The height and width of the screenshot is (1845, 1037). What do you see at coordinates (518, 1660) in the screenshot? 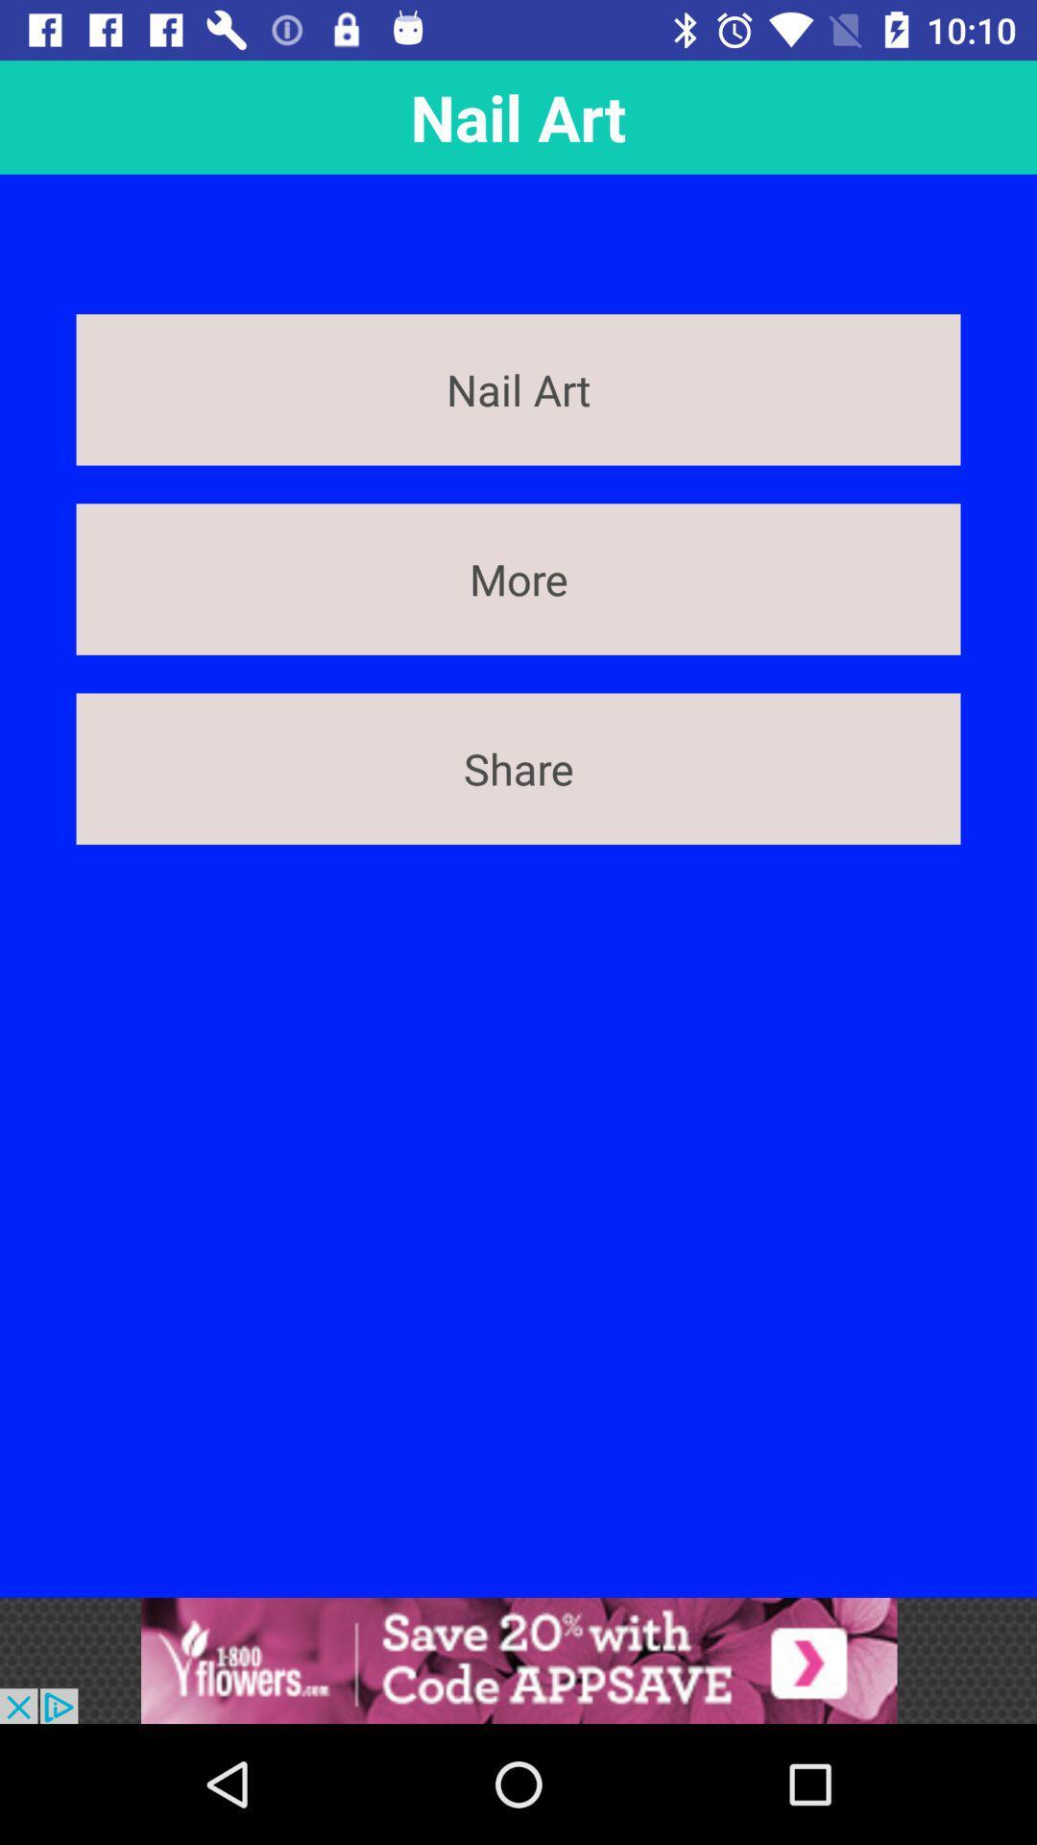
I see `advertisement link` at bounding box center [518, 1660].